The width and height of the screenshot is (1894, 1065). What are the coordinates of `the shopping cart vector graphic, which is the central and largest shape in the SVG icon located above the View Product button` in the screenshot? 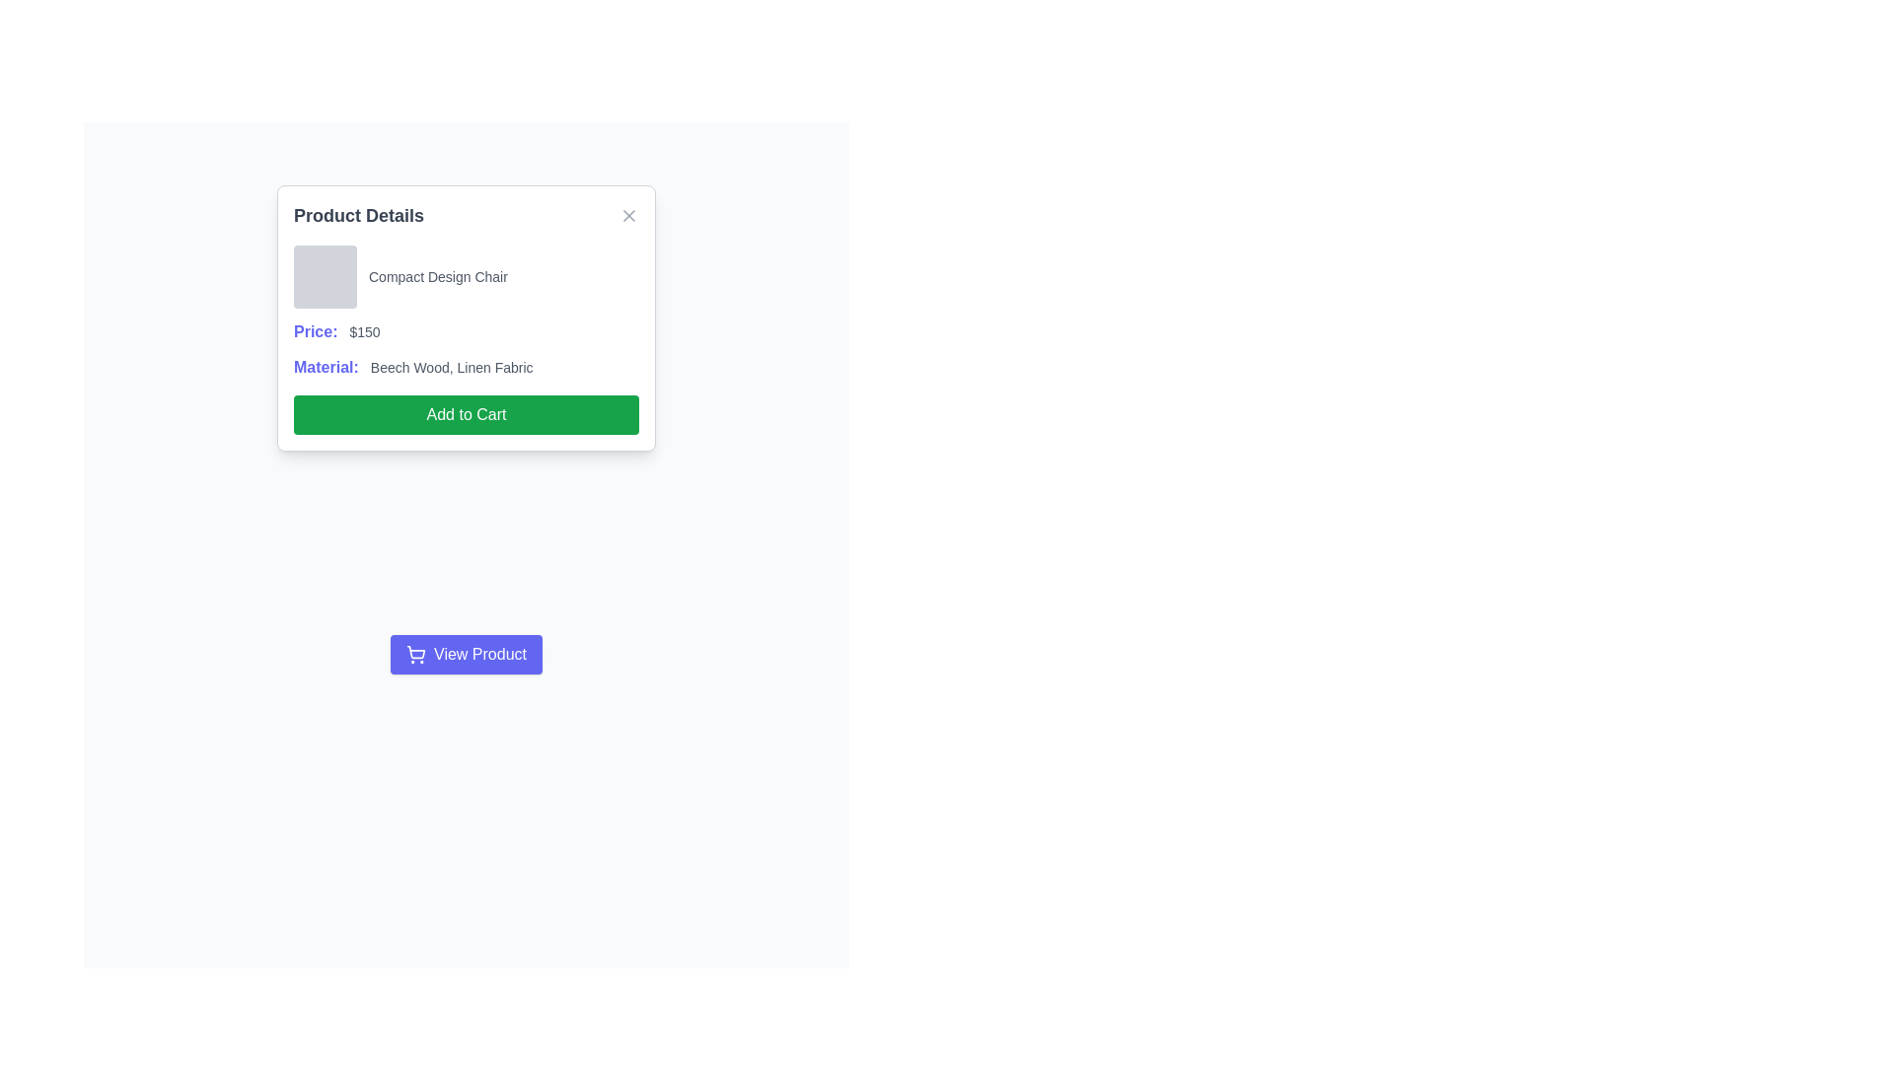 It's located at (415, 652).